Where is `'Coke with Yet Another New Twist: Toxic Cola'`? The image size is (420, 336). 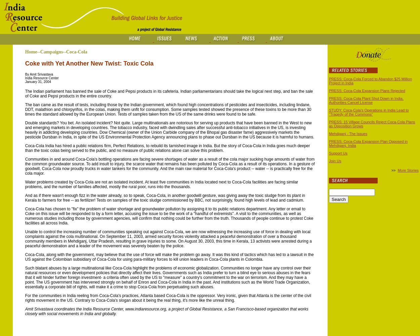 'Coke with Yet Another New Twist: Toxic Cola' is located at coordinates (89, 63).